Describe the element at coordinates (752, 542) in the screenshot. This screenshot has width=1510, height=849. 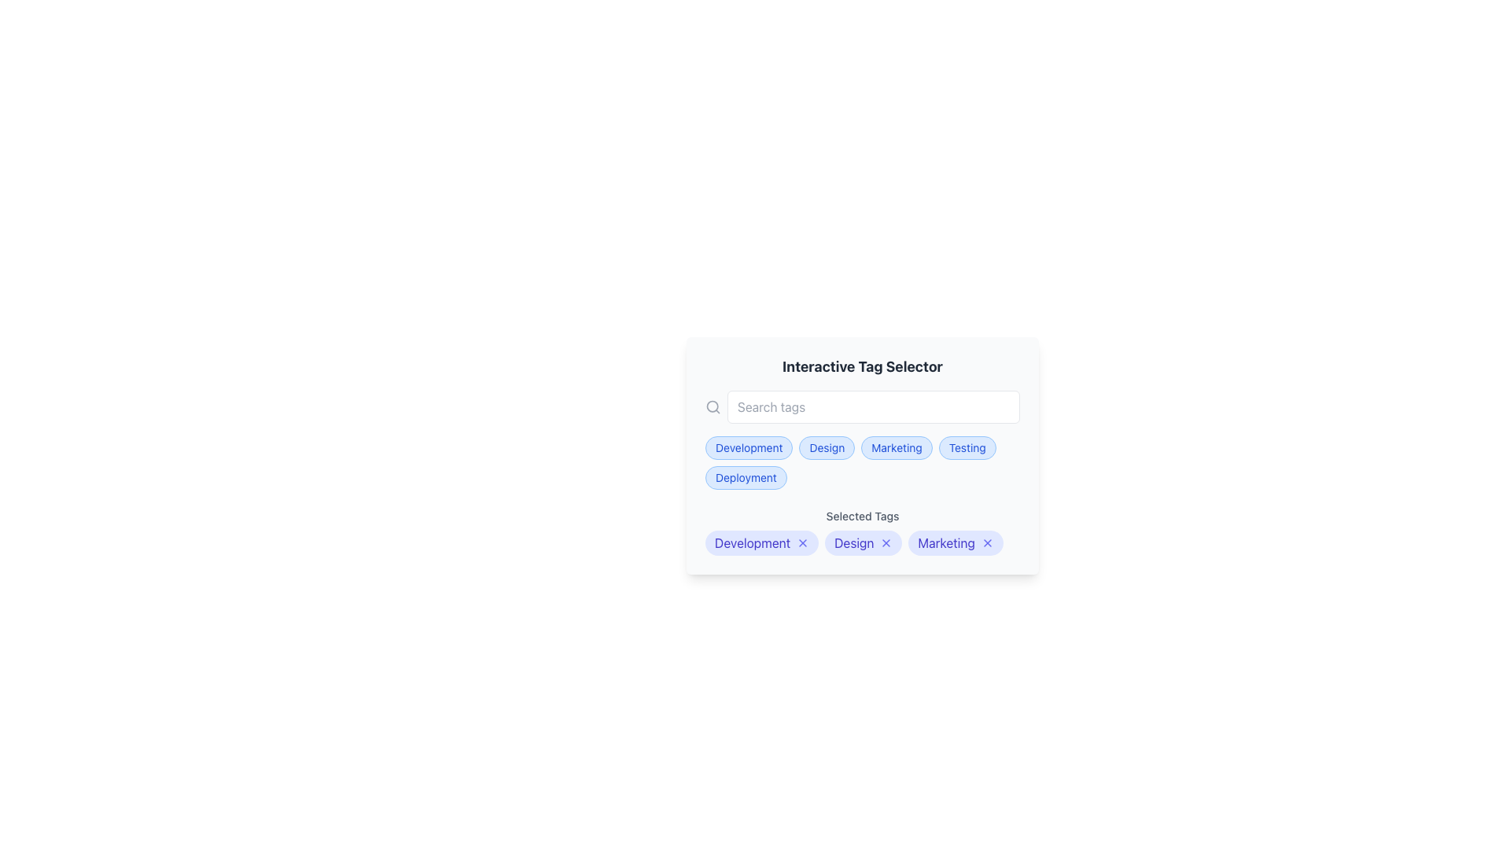
I see `the text label in the 'Selected Tags' section` at that location.